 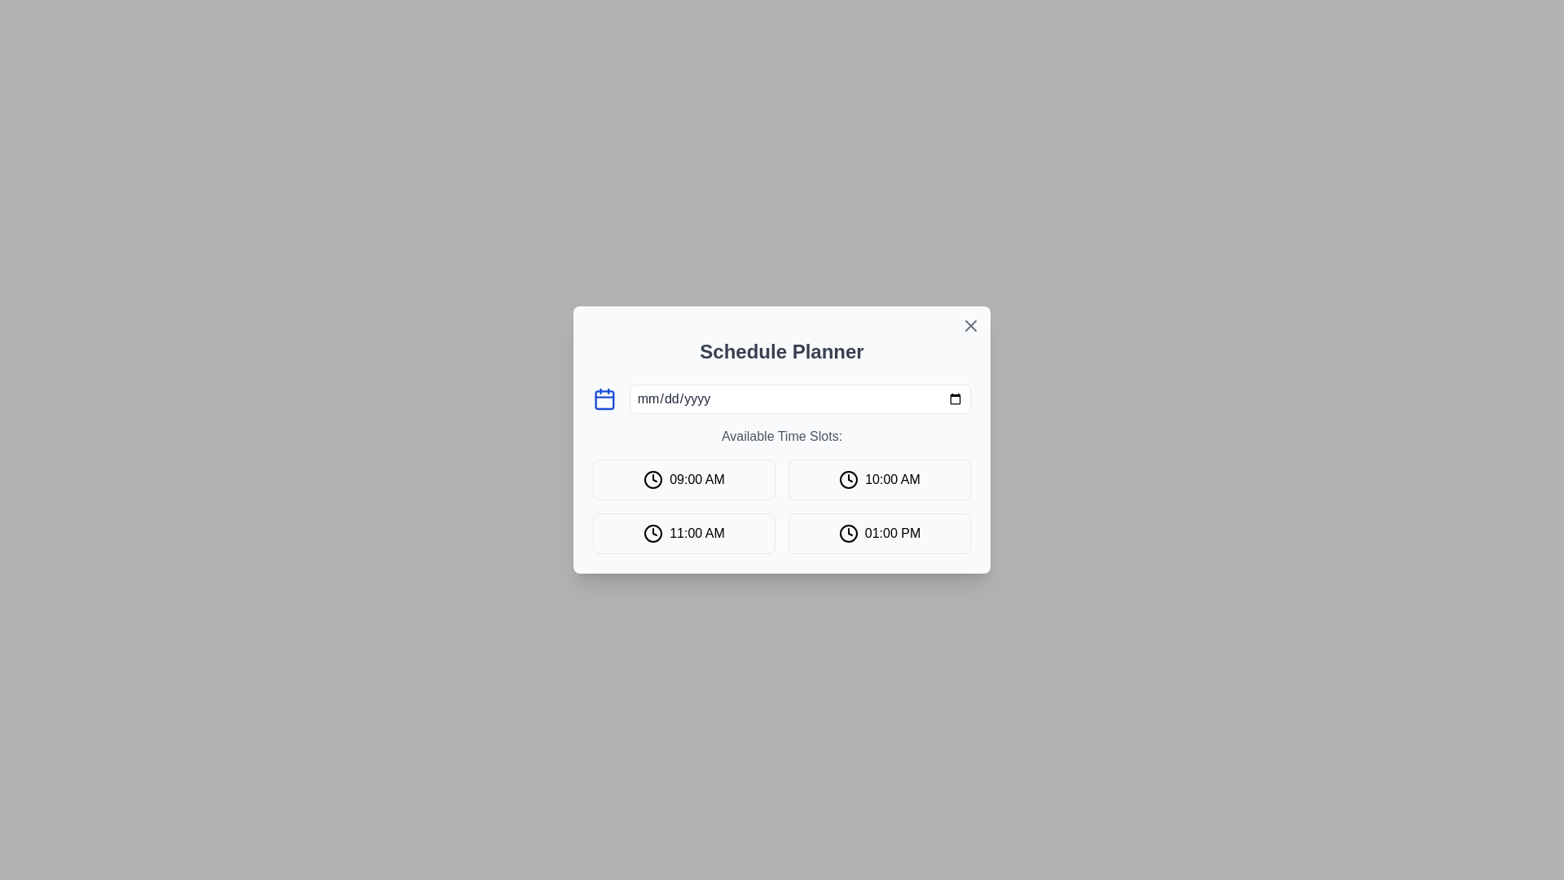 What do you see at coordinates (653, 479) in the screenshot?
I see `the filled circle at the center of the clock icon representing '09:00 AM' in the selection interface` at bounding box center [653, 479].